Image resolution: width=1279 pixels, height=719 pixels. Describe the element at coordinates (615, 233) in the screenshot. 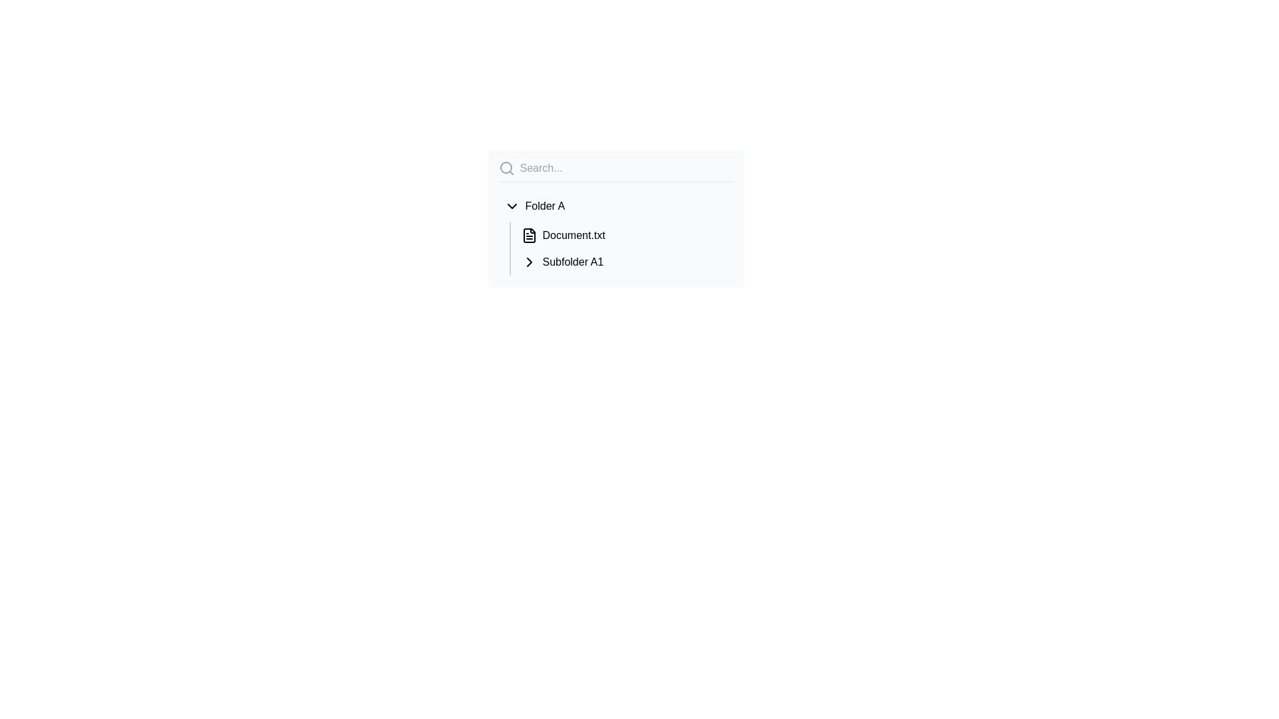

I see `the 'Document.txt' item` at that location.